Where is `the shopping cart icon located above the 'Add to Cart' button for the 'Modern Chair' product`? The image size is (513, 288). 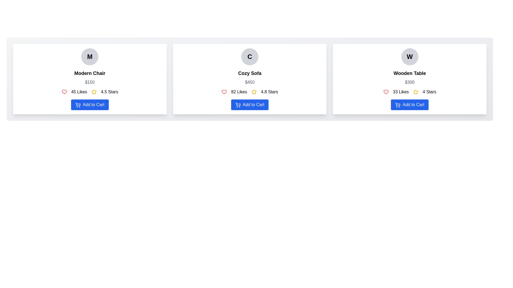 the shopping cart icon located above the 'Add to Cart' button for the 'Modern Chair' product is located at coordinates (78, 104).